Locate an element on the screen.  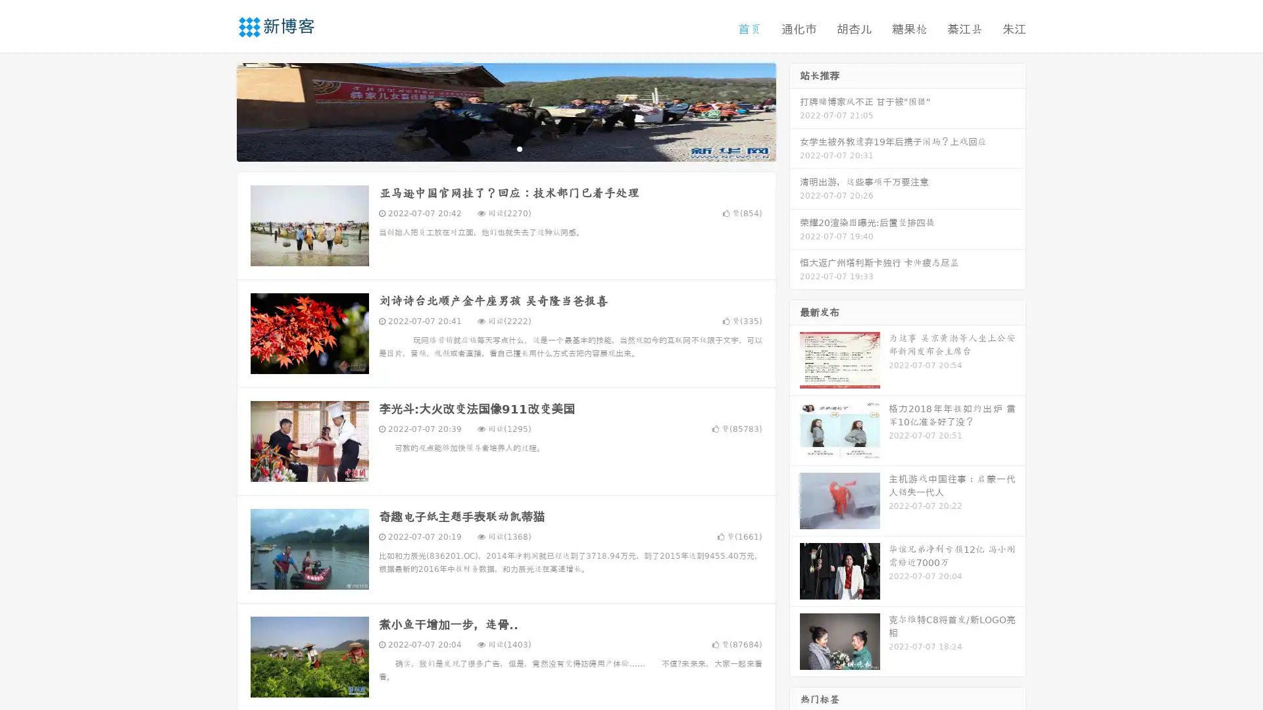
Go to slide 3 is located at coordinates (519, 148).